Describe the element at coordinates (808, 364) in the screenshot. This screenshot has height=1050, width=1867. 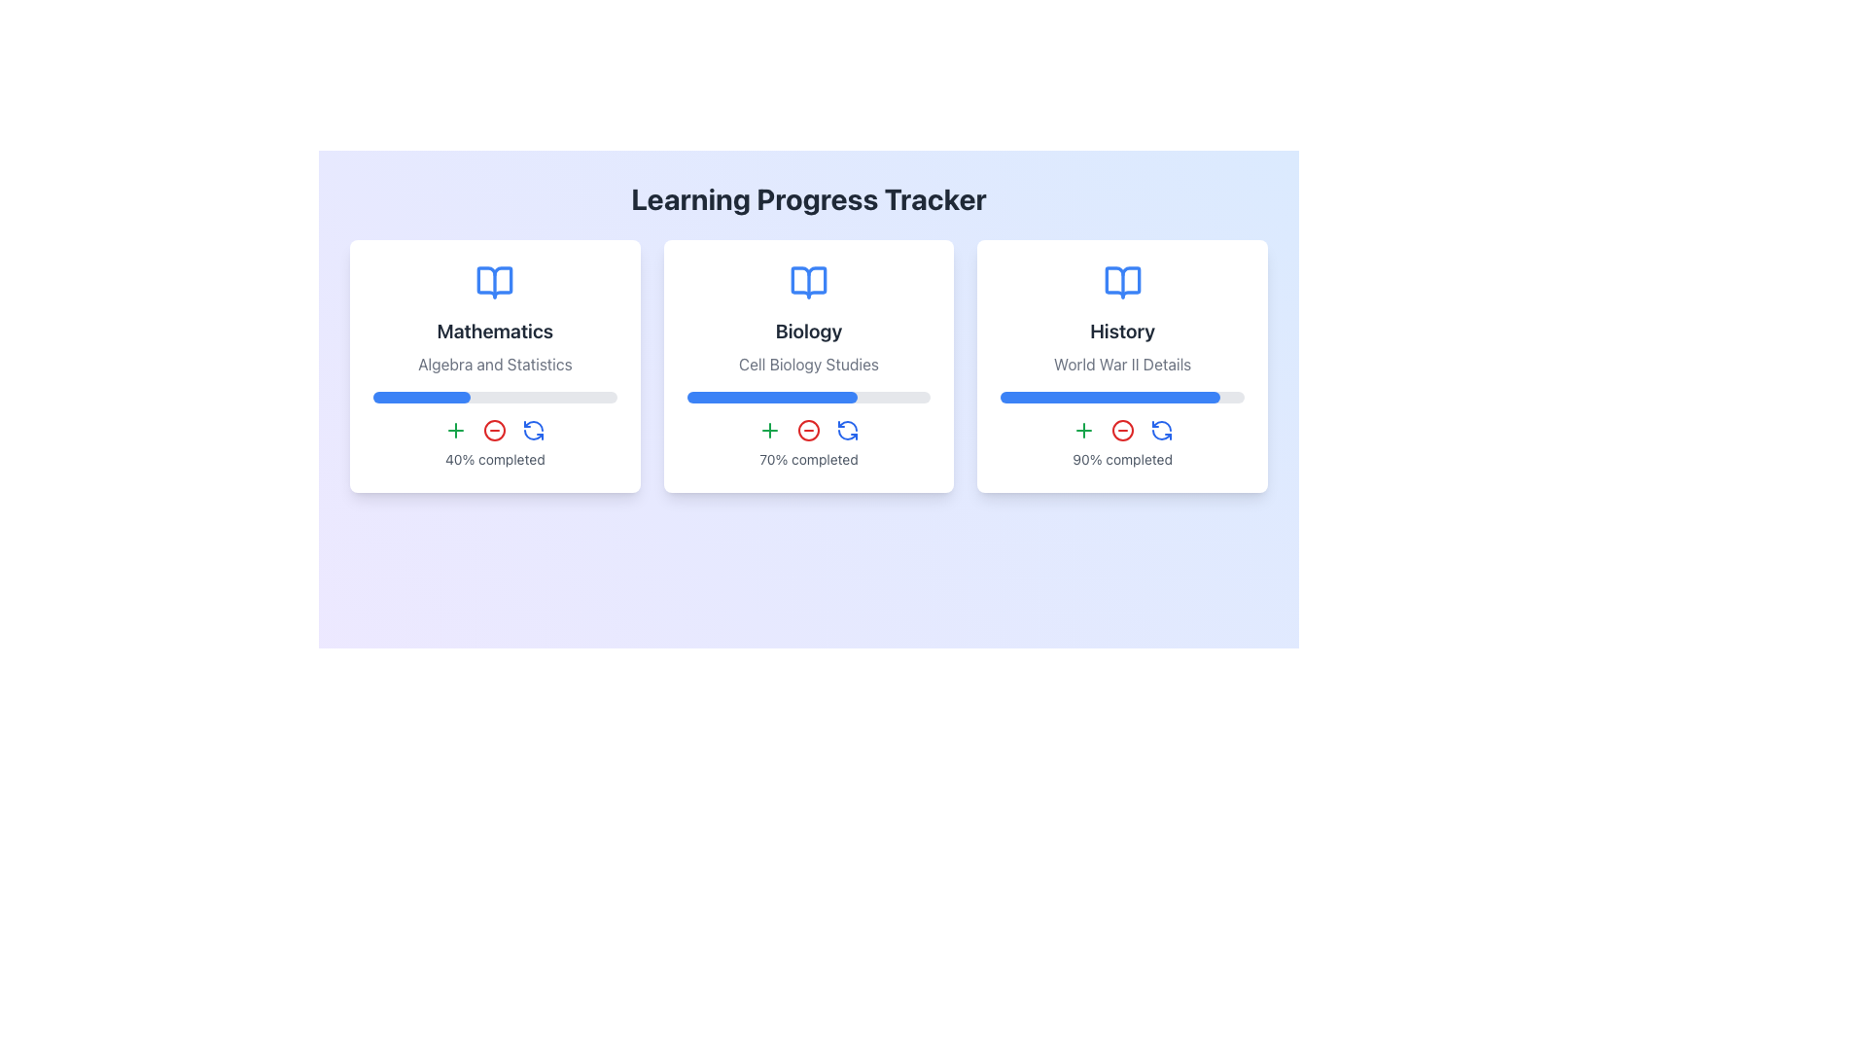
I see `the static text label reading 'Cell Biology Studies', which is styled with a smaller font size and gray color, positioned below the title 'Biology' and above the blue progress bar` at that location.